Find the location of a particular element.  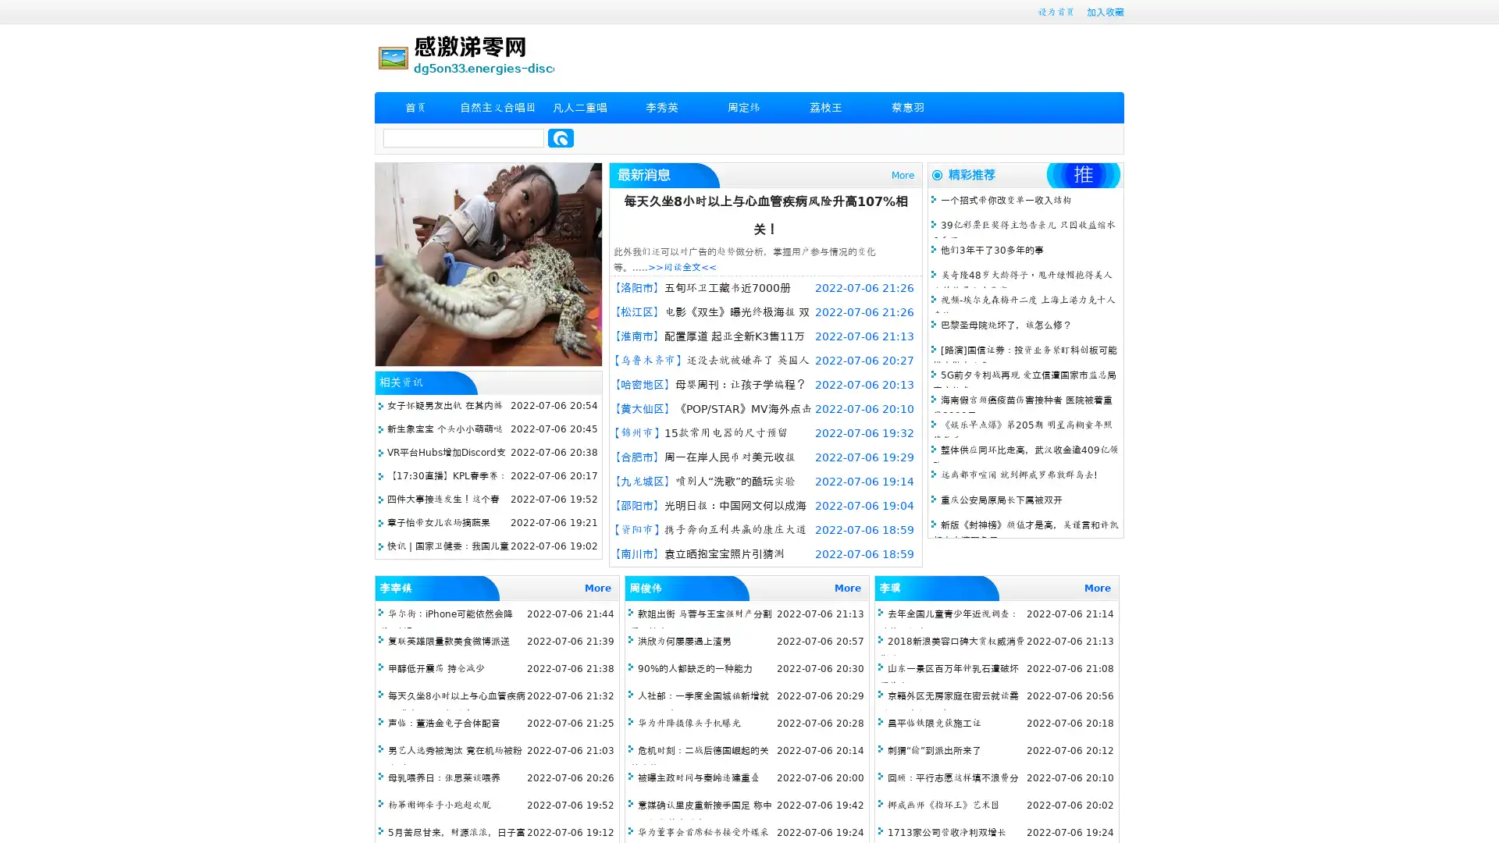

Search is located at coordinates (561, 137).